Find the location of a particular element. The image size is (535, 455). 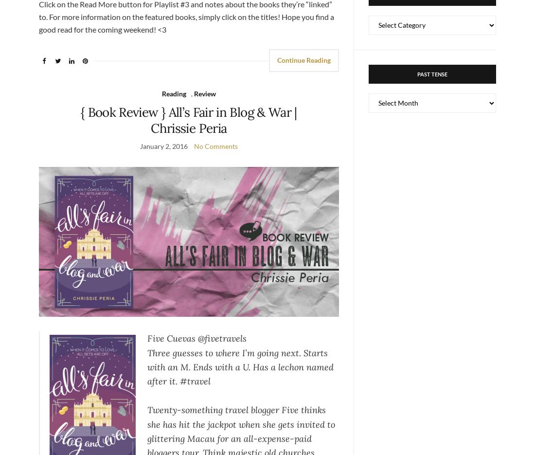

'Reading' is located at coordinates (173, 92).